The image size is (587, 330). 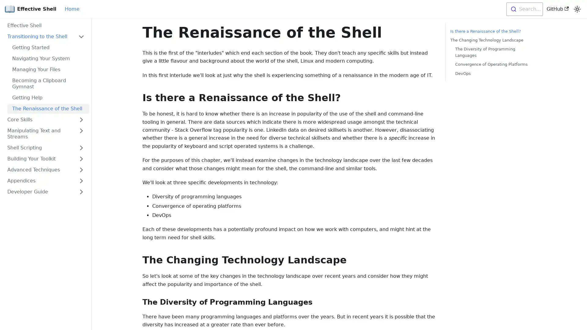 I want to click on Toggle the collapsible sidebar category 'Manipulating Text and Streams', so click(x=81, y=134).